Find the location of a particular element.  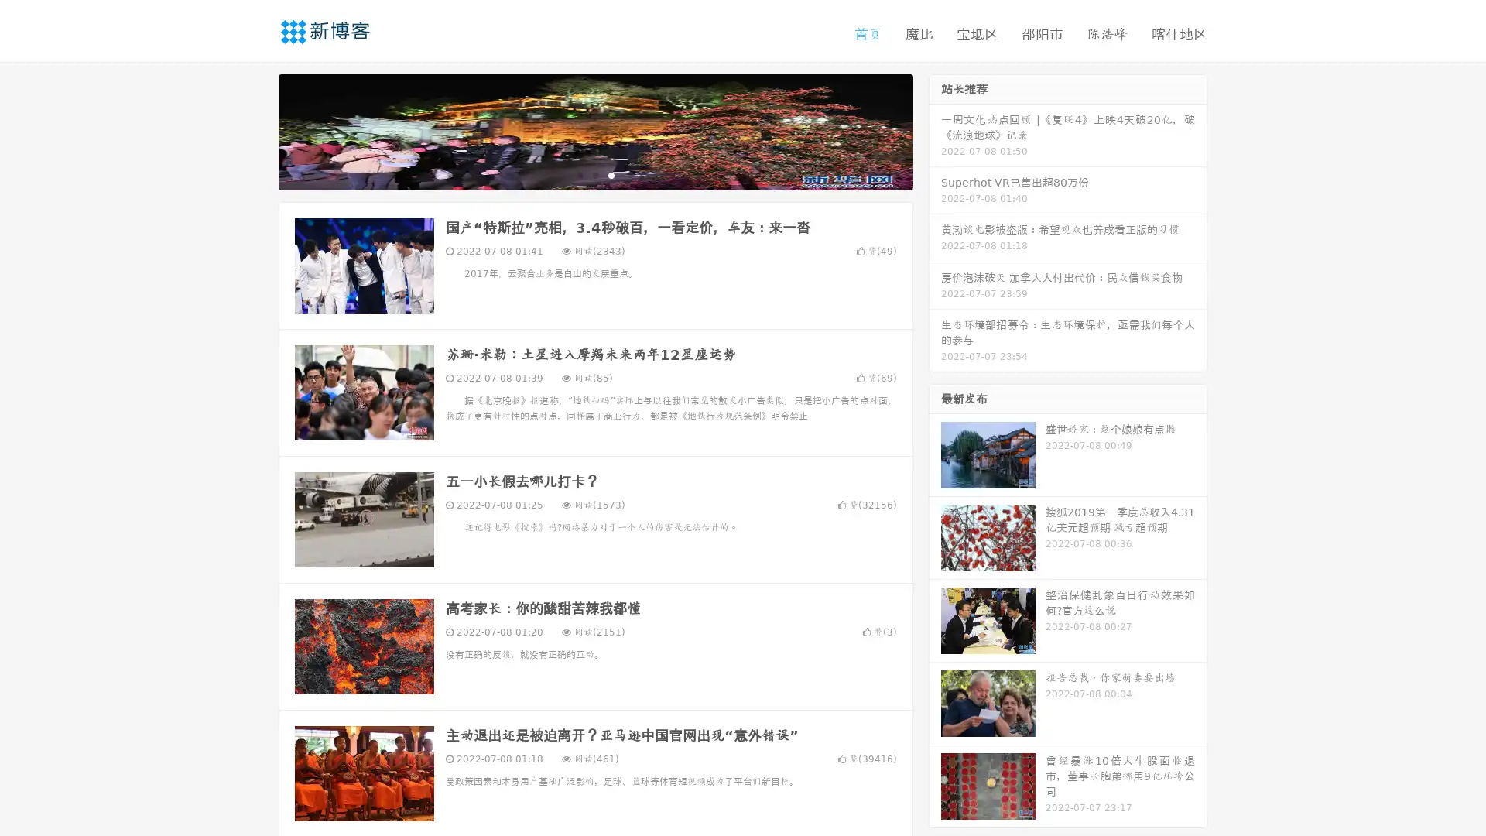

Go to slide 1 is located at coordinates (579, 174).